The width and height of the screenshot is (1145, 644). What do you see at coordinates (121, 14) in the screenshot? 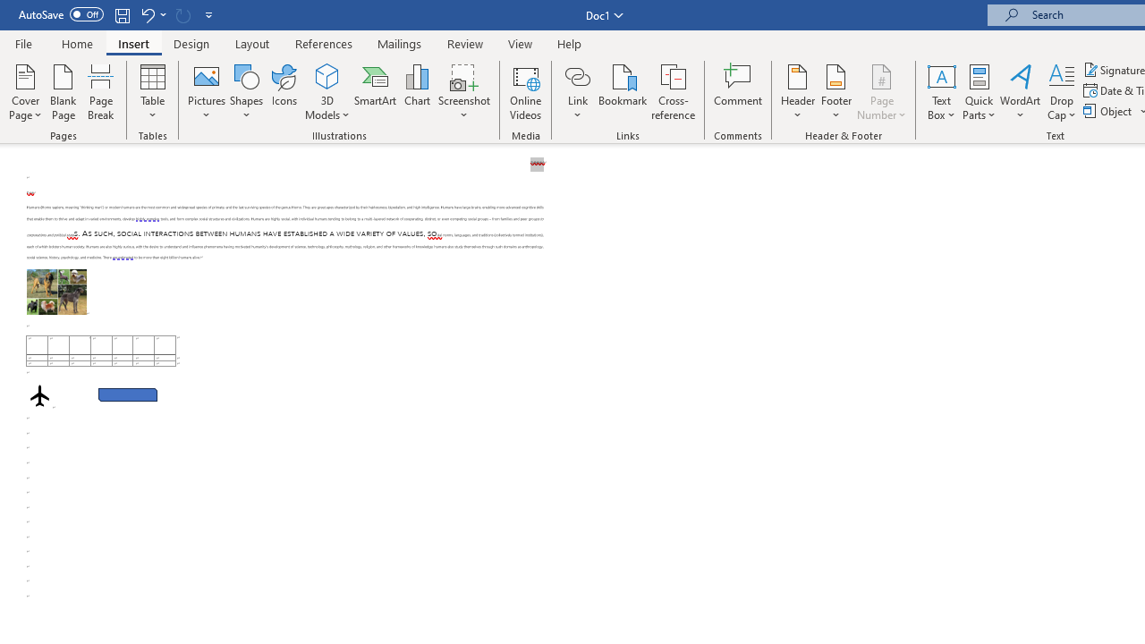
I see `'Save'` at bounding box center [121, 14].